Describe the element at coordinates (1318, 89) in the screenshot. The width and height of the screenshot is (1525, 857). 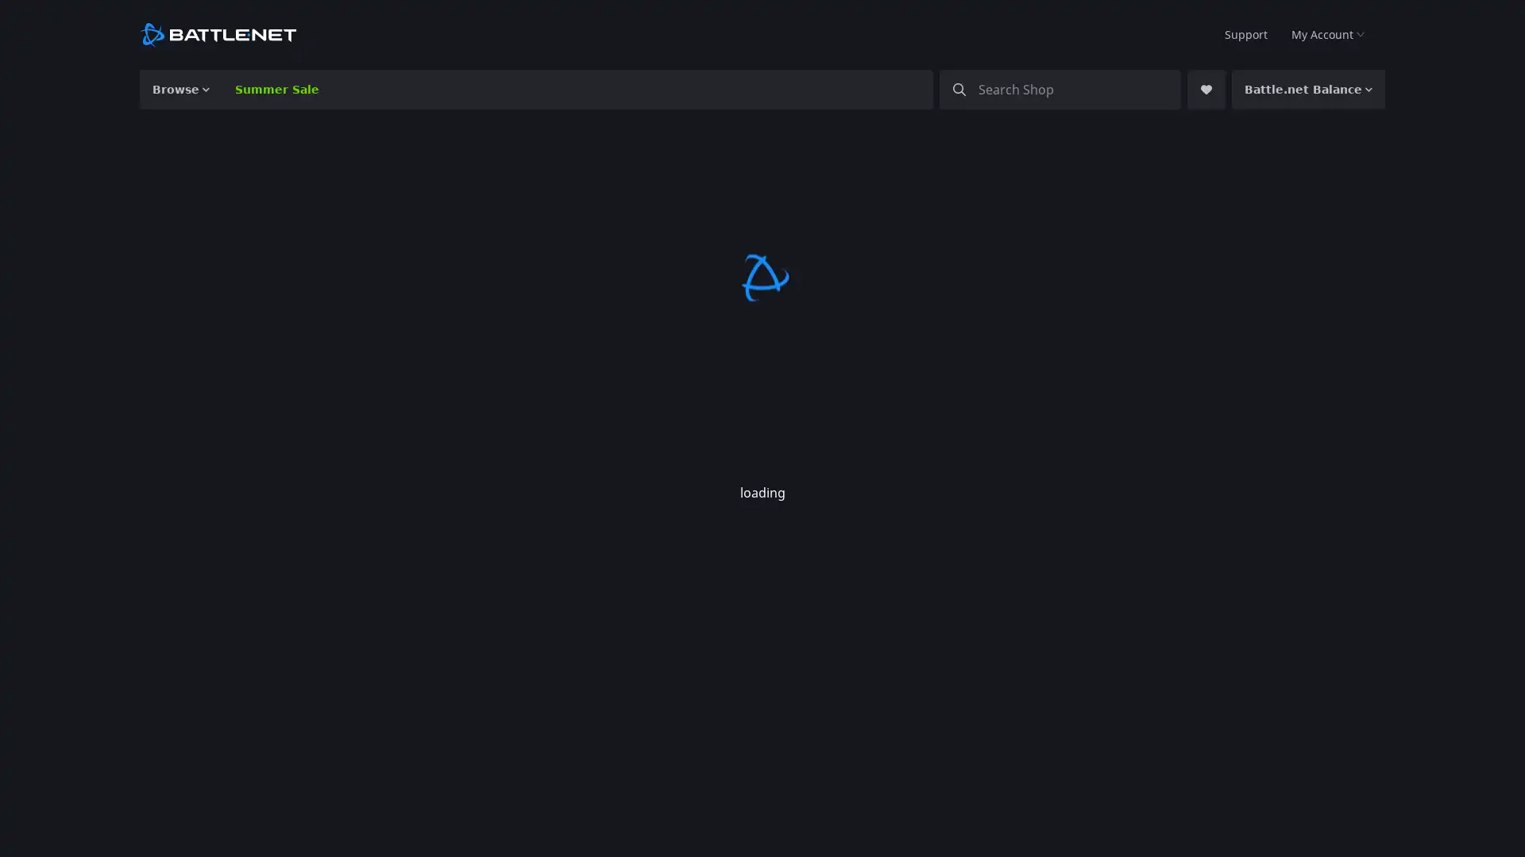
I see `Battle.net Balance` at that location.